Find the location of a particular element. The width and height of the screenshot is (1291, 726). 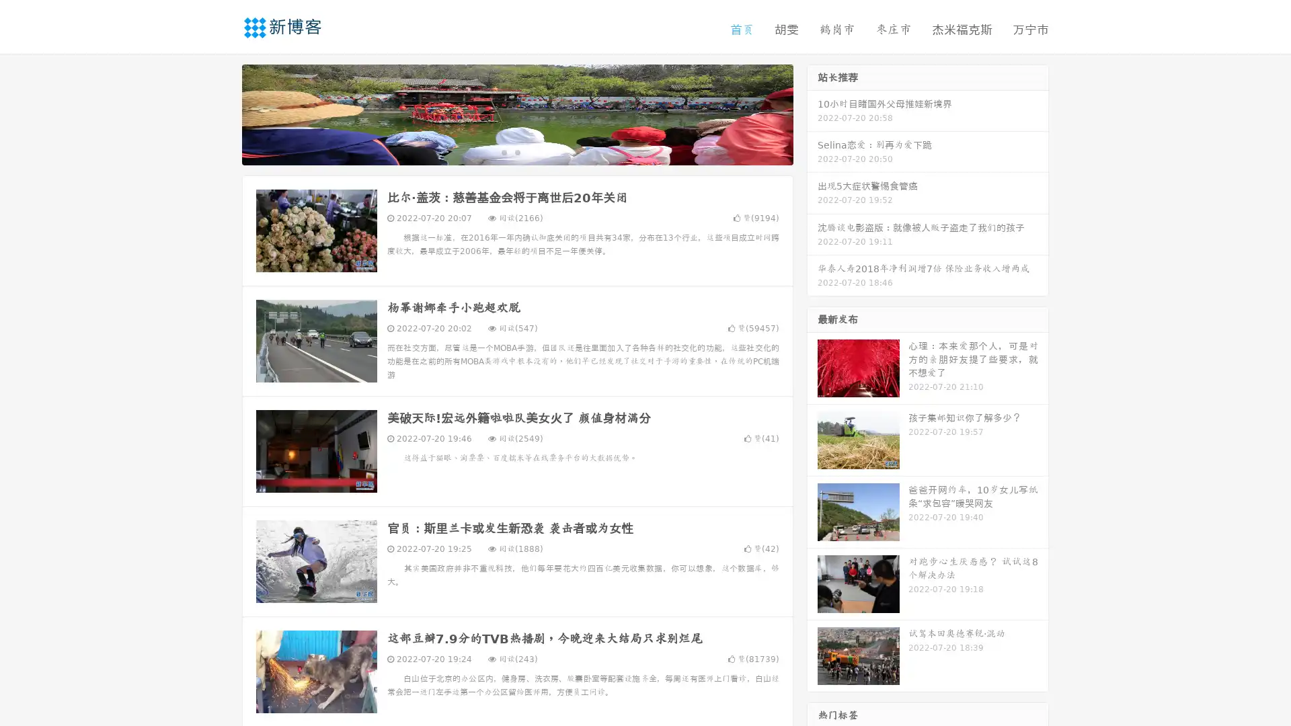

Go to slide 3 is located at coordinates (531, 151).